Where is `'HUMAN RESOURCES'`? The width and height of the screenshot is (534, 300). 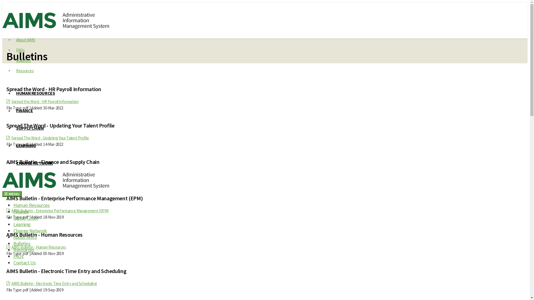
'HUMAN RESOURCES' is located at coordinates (35, 93).